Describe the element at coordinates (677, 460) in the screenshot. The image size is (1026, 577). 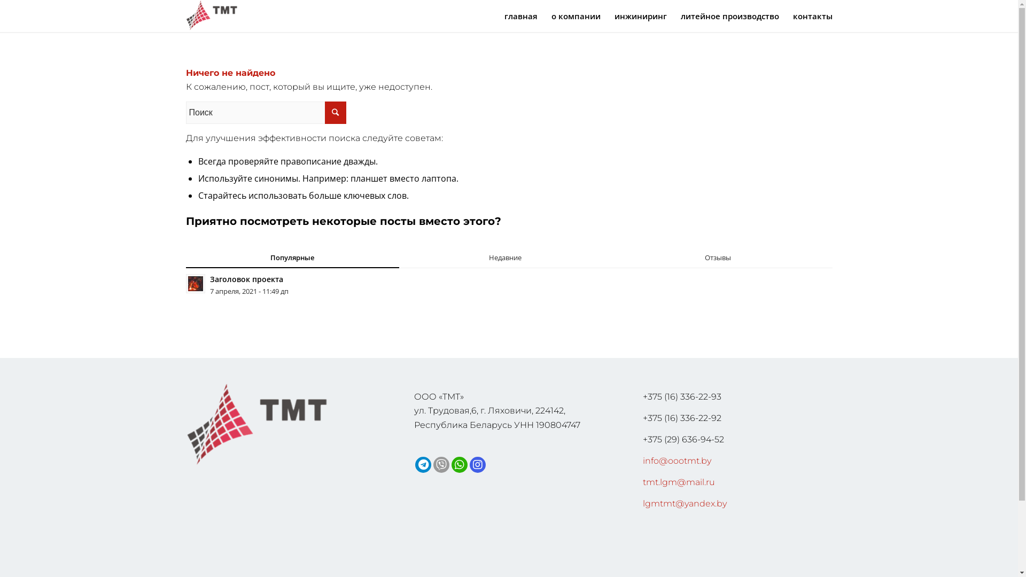
I see `'info@oootmt.by'` at that location.